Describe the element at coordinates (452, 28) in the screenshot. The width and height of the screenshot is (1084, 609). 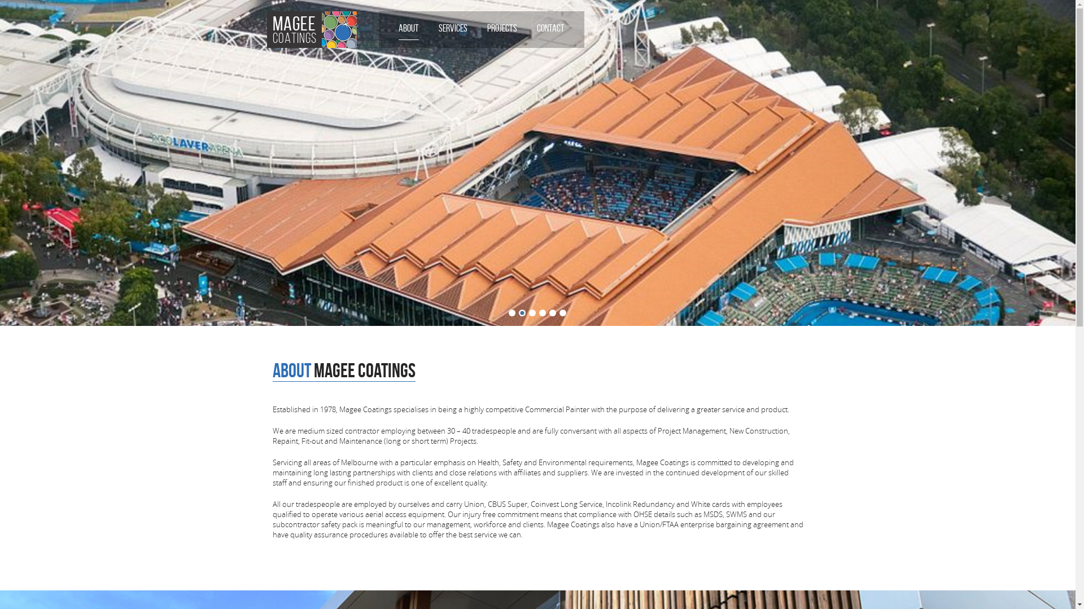
I see `'SERVICES'` at that location.